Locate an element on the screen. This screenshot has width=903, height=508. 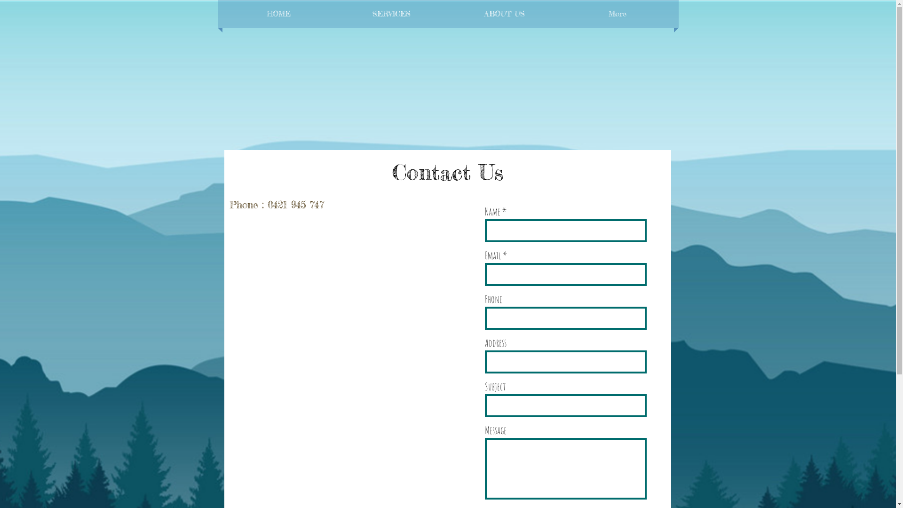
'ABOUT US' is located at coordinates (503, 14).